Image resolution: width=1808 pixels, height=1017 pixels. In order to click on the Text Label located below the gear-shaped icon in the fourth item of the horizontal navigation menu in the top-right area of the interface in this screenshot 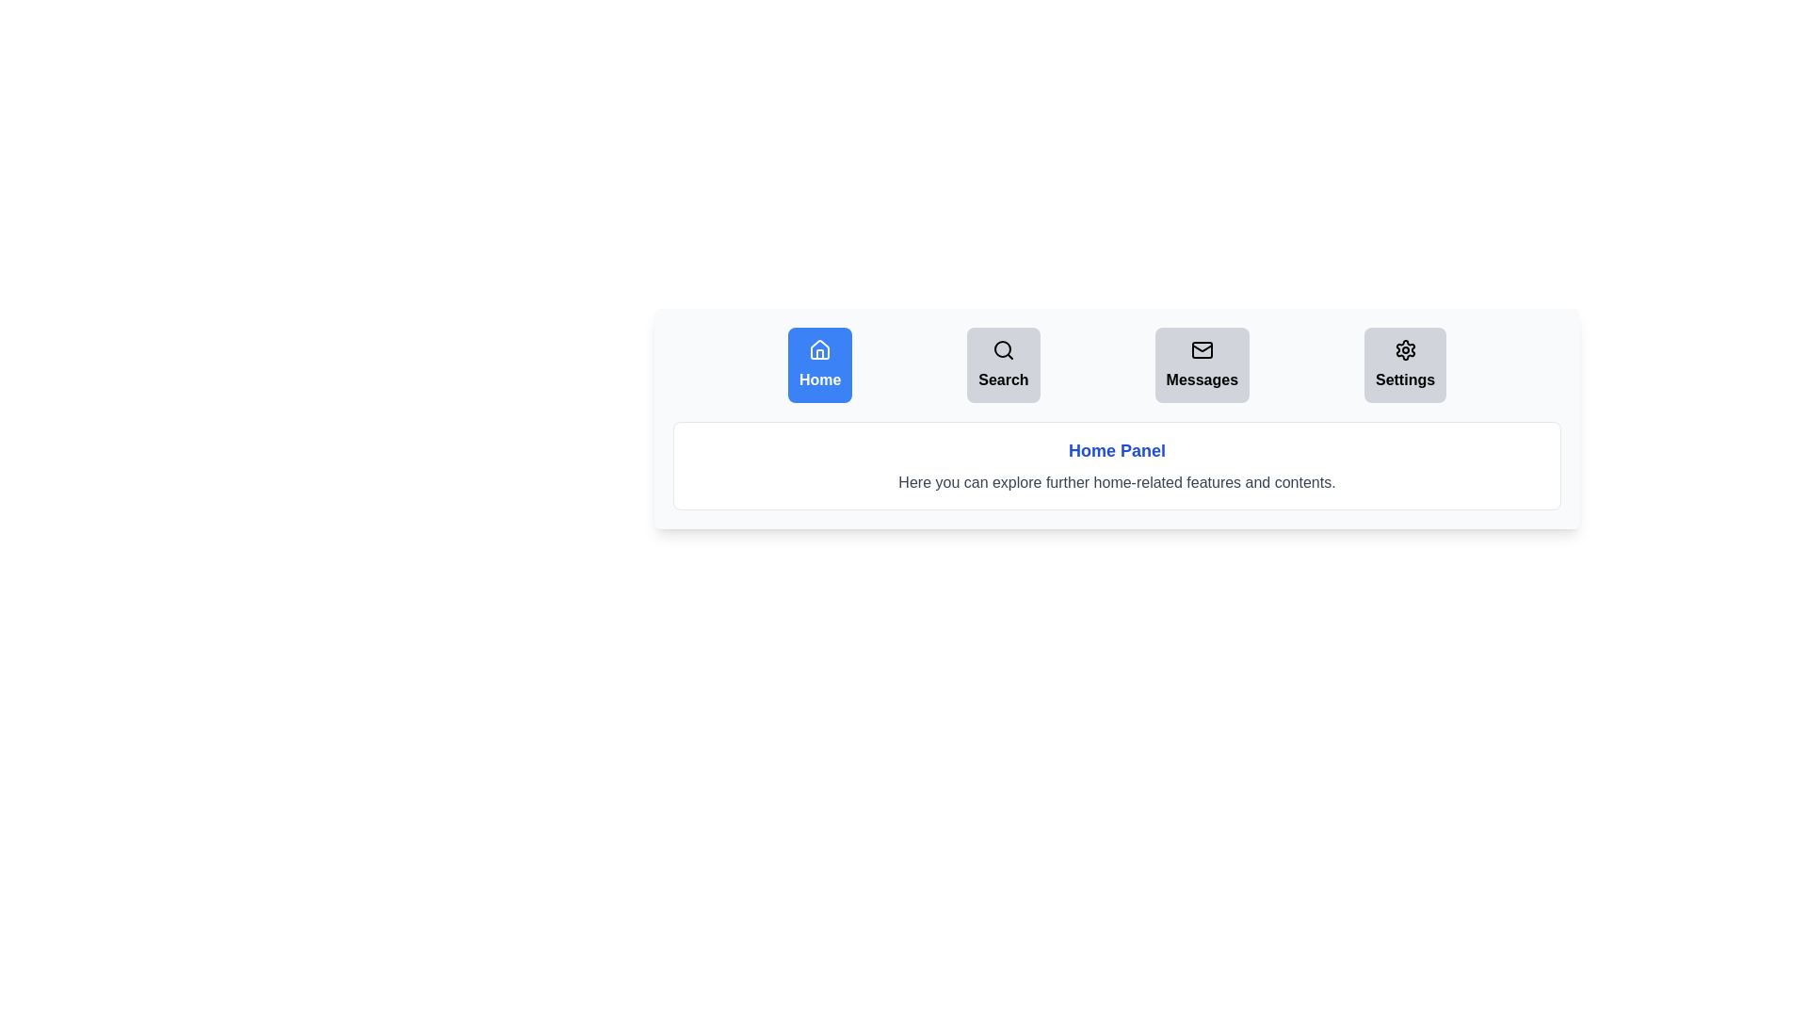, I will do `click(1405, 380)`.